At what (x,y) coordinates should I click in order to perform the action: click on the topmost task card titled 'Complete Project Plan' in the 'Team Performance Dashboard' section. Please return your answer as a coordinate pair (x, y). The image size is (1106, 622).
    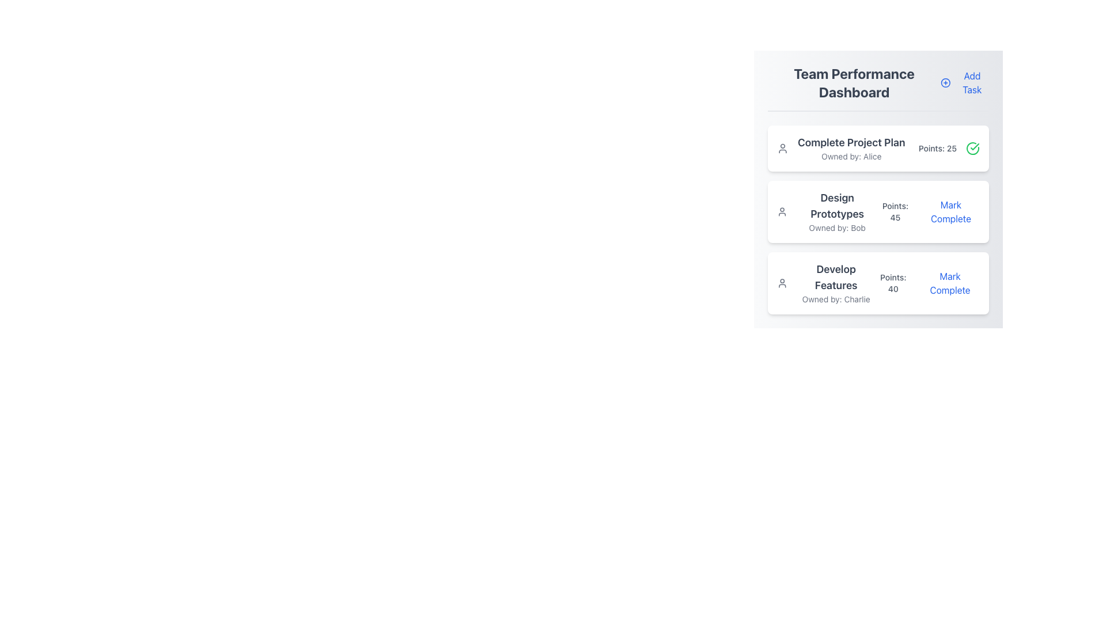
    Looking at the image, I should click on (878, 148).